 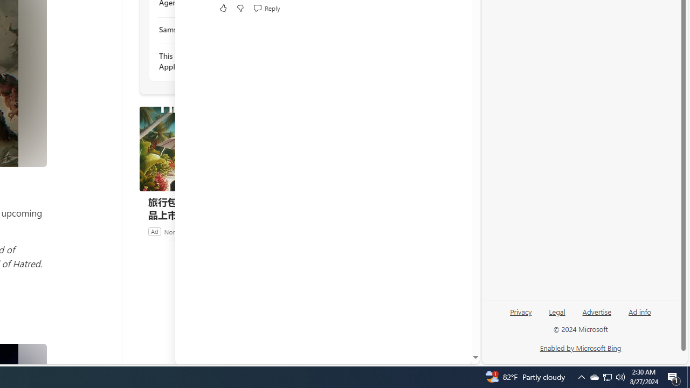 I want to click on 'Reply Reply Comment', so click(x=266, y=8).